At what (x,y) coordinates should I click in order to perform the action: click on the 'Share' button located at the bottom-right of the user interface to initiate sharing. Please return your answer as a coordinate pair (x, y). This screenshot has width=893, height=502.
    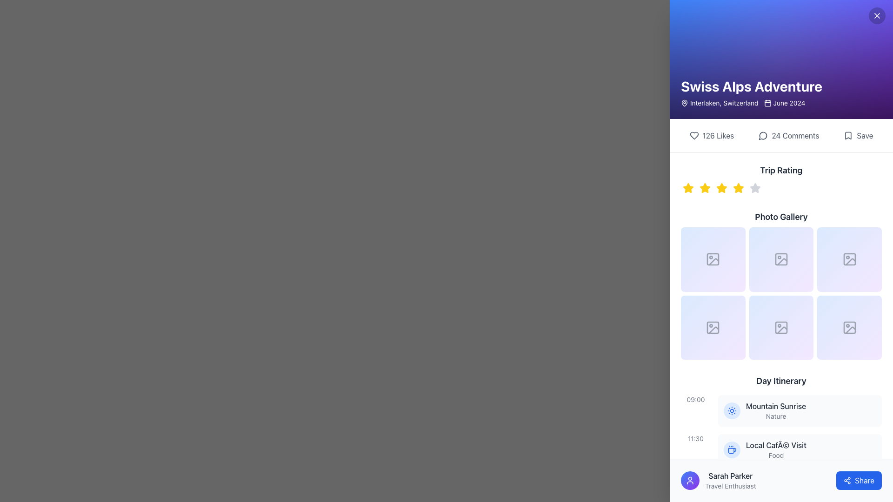
    Looking at the image, I should click on (859, 480).